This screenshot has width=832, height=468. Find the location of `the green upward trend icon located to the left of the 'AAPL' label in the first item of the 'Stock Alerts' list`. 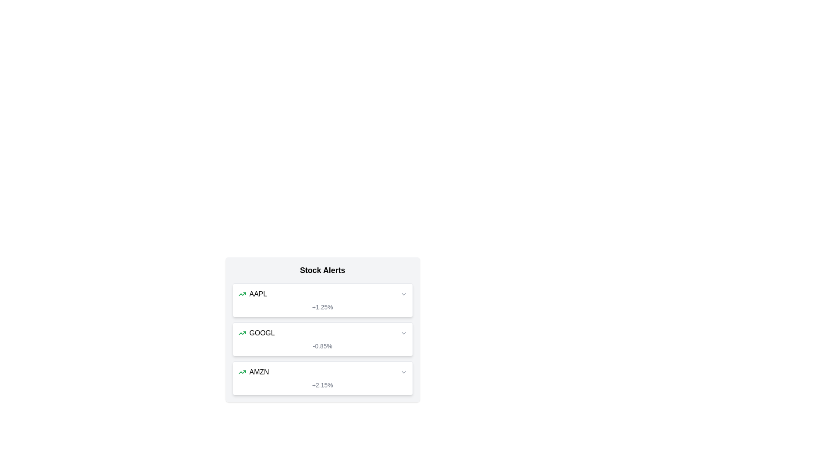

the green upward trend icon located to the left of the 'AAPL' label in the first item of the 'Stock Alerts' list is located at coordinates (242, 293).